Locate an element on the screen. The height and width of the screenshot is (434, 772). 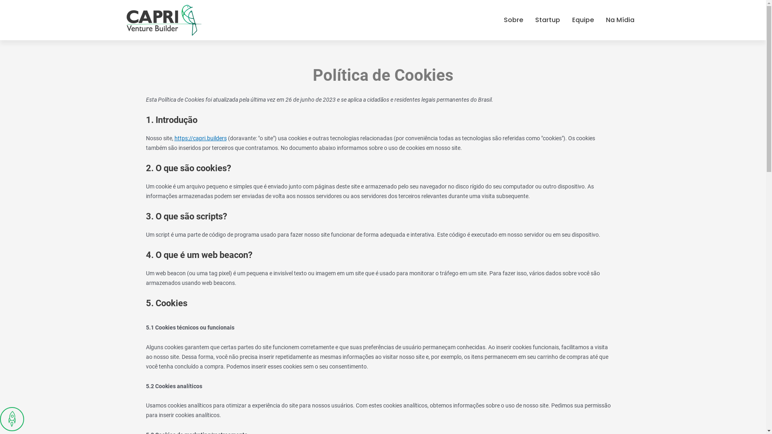
'Startup' is located at coordinates (529, 20).